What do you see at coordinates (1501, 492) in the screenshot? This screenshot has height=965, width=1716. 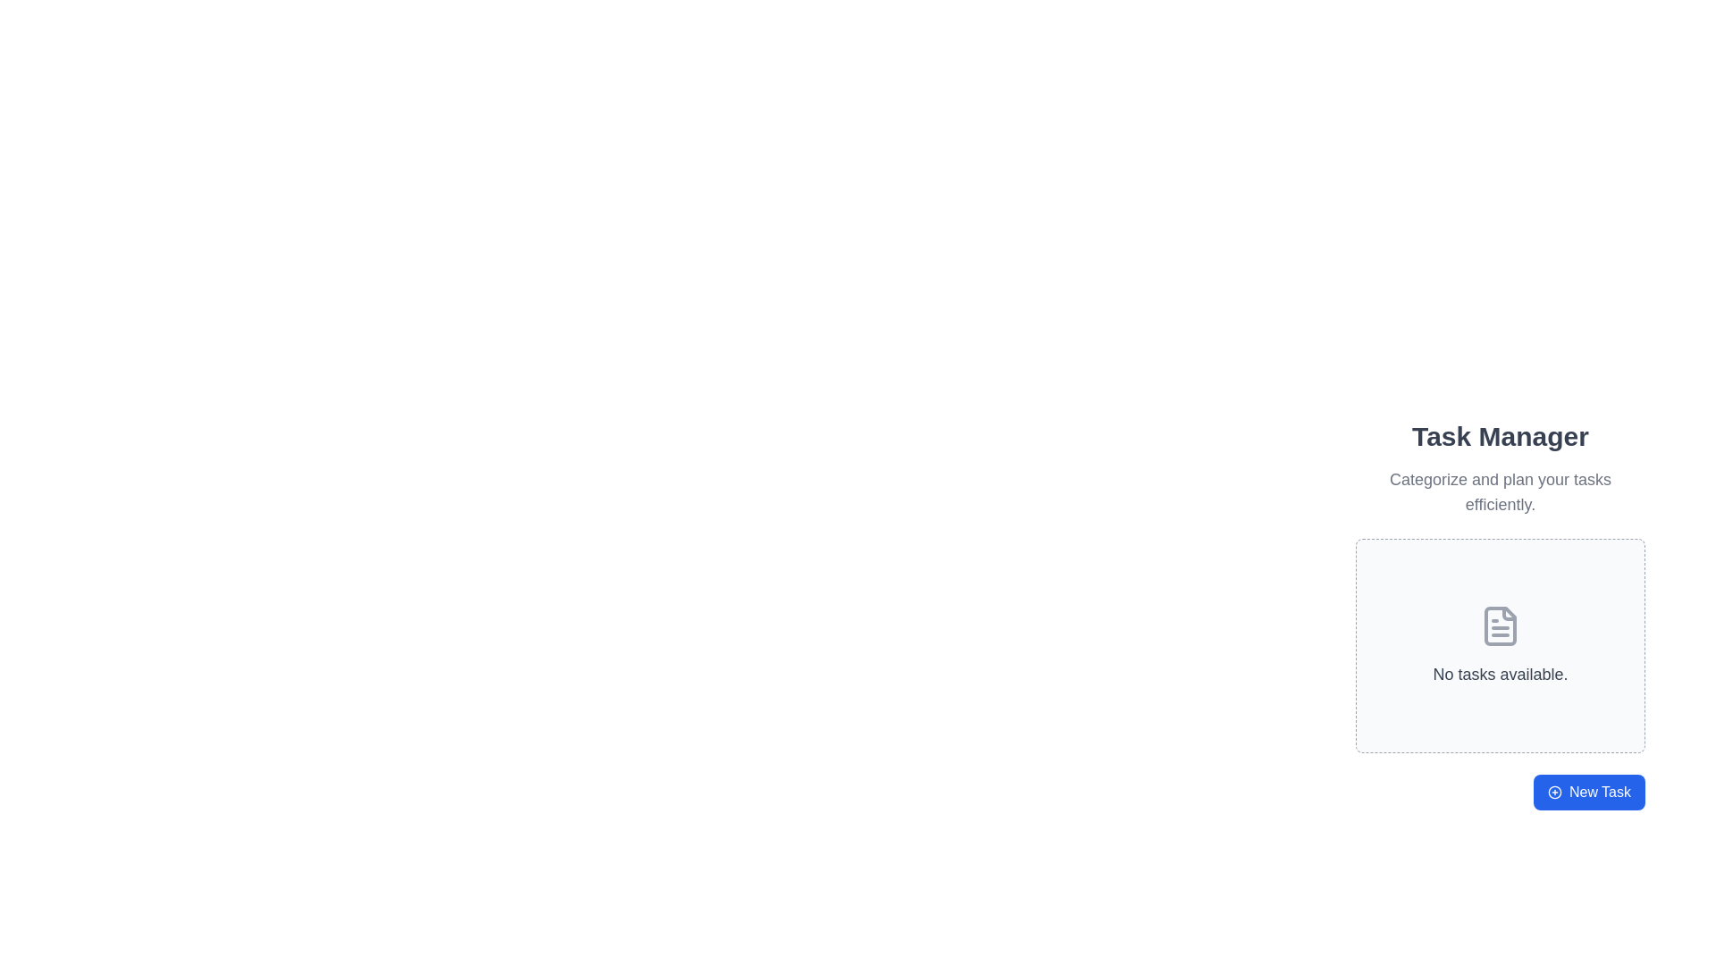 I see `the static text that serves as a descriptive subtitle or tagline for the 'Task Manager' module, located just below the heading` at bounding box center [1501, 492].